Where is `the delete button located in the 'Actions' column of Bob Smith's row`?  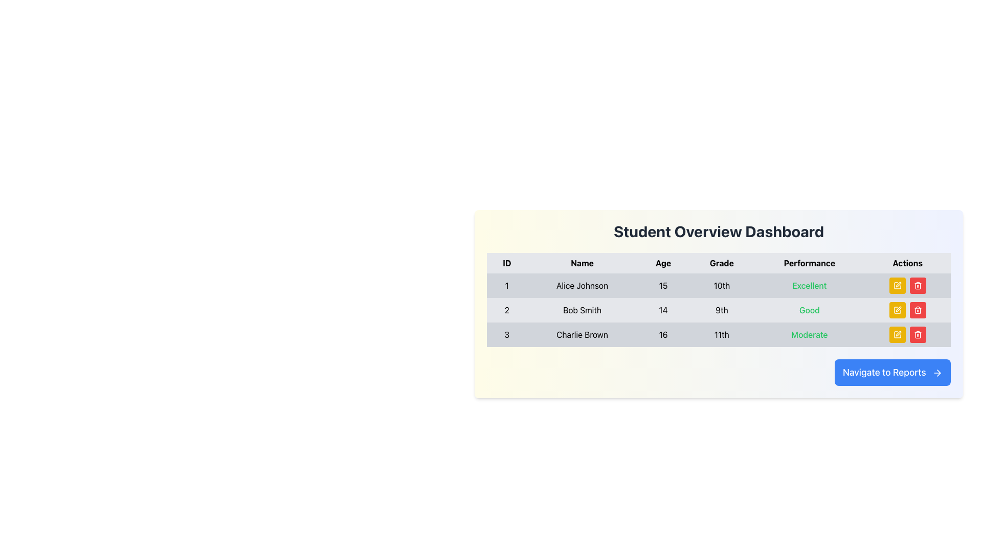 the delete button located in the 'Actions' column of Bob Smith's row is located at coordinates (918, 309).